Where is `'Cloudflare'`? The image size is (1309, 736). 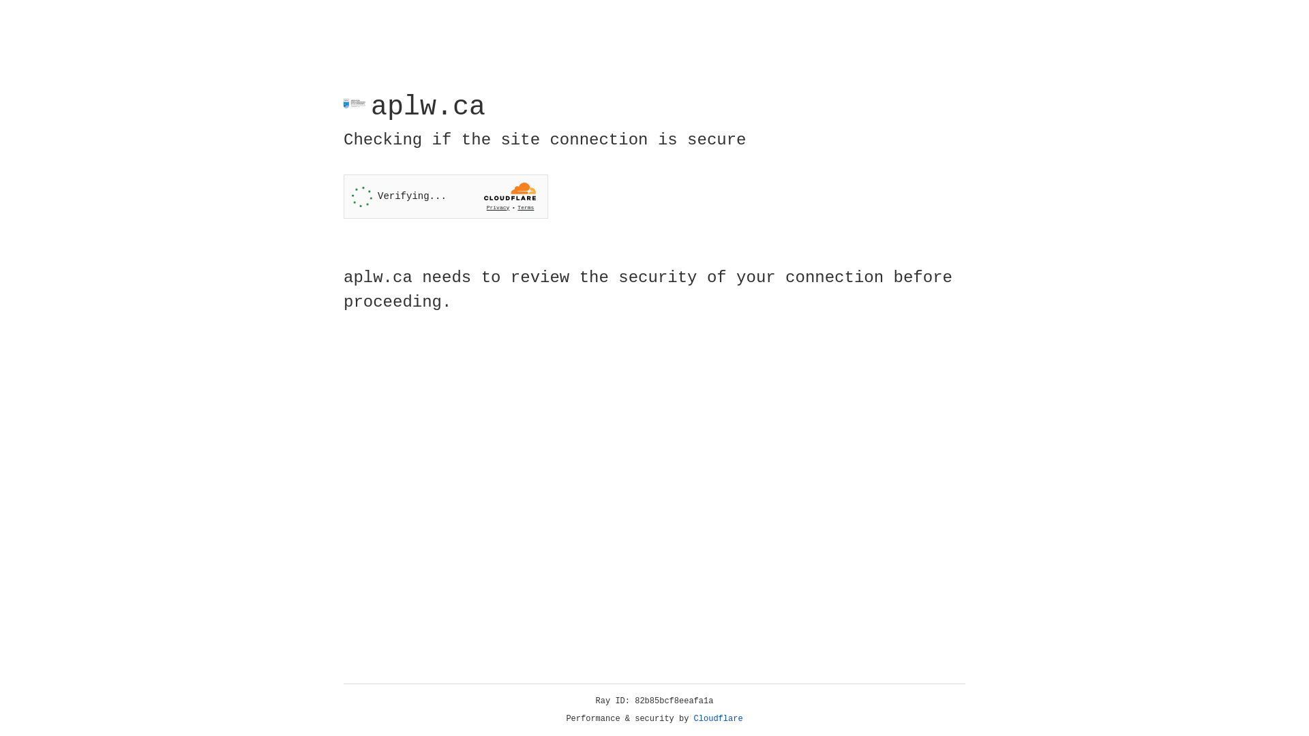
'Cloudflare' is located at coordinates (718, 718).